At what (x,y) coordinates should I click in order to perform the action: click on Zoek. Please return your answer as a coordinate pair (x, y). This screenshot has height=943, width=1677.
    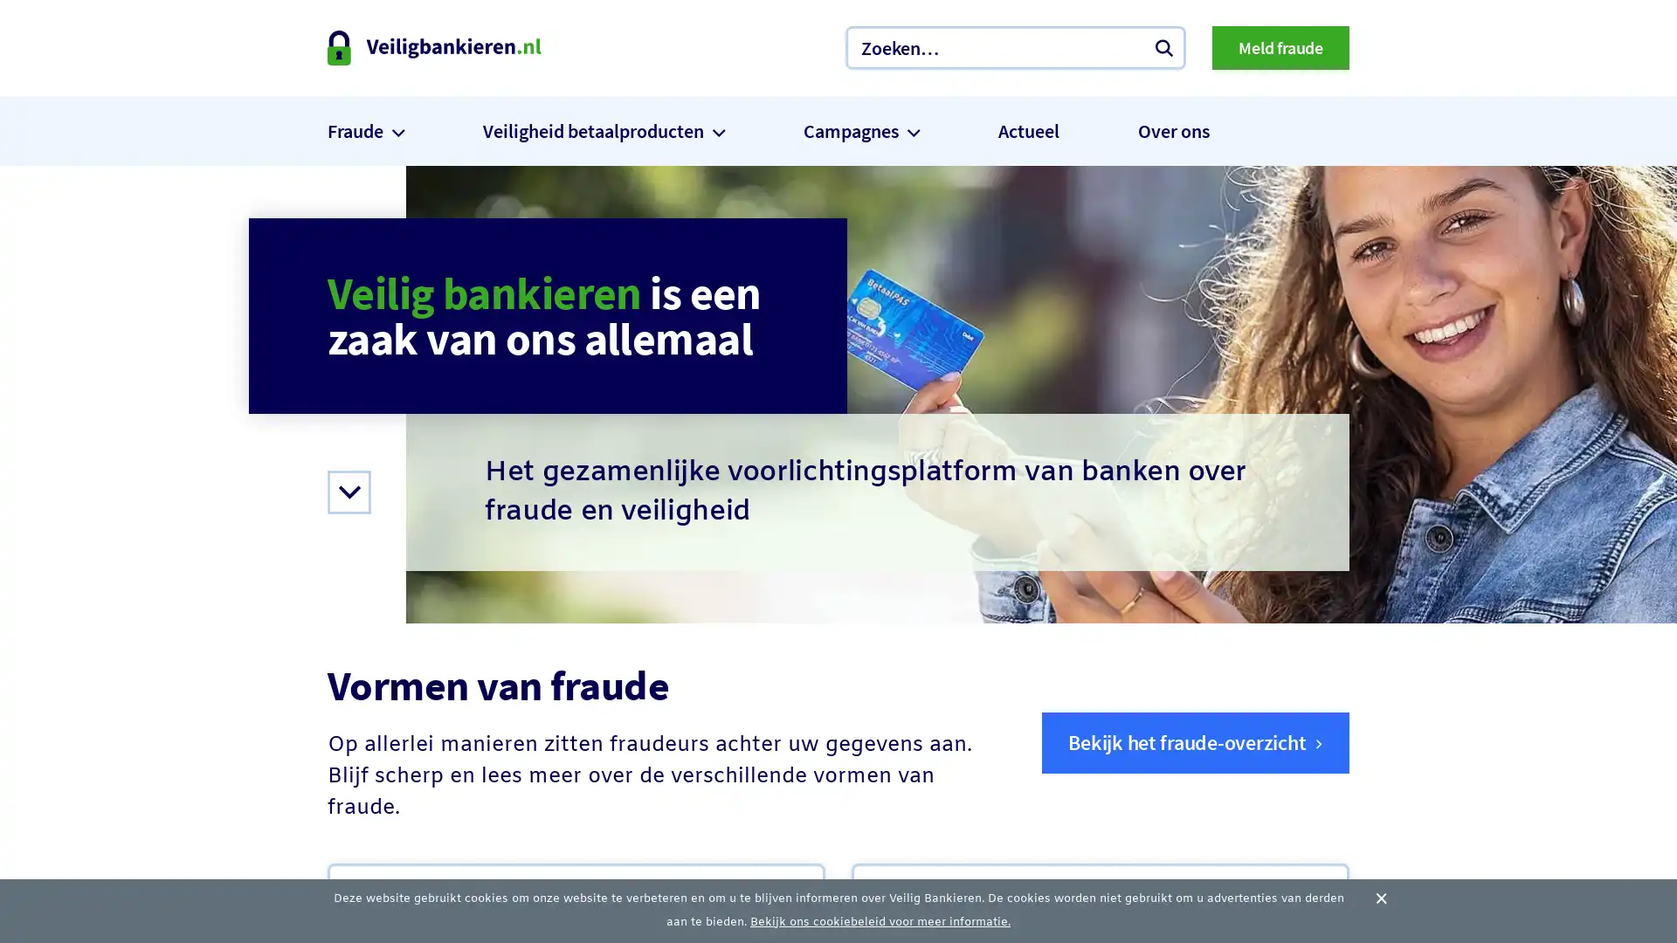
    Looking at the image, I should click on (1164, 46).